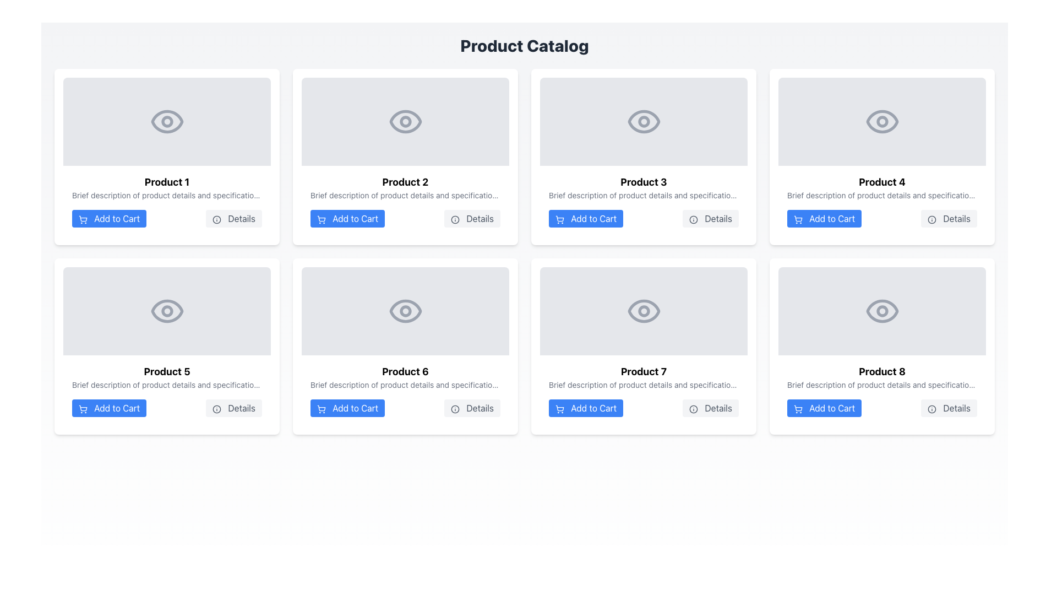 The width and height of the screenshot is (1057, 595). I want to click on the text label providing product details for 'Product 8' located directly below its title and above the buttons, so click(882, 384).